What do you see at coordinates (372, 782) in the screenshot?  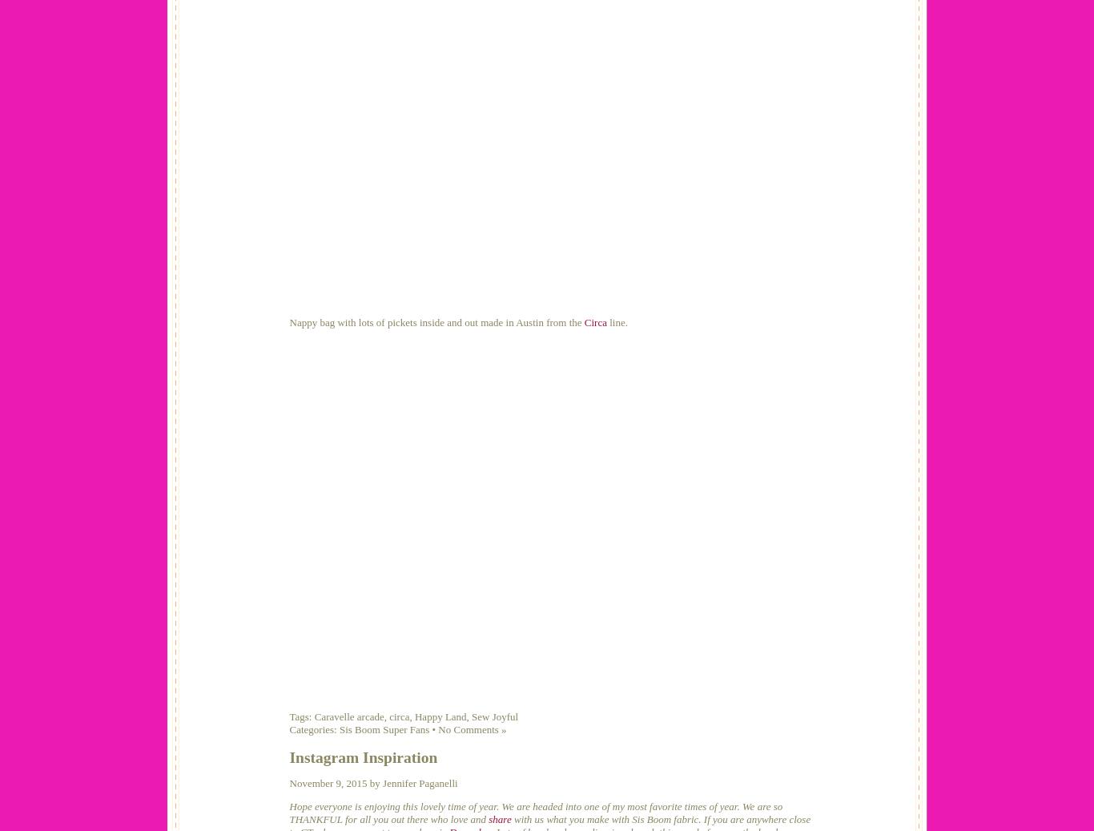 I see `'November 9, 2015 by Jennifer Paganelli'` at bounding box center [372, 782].